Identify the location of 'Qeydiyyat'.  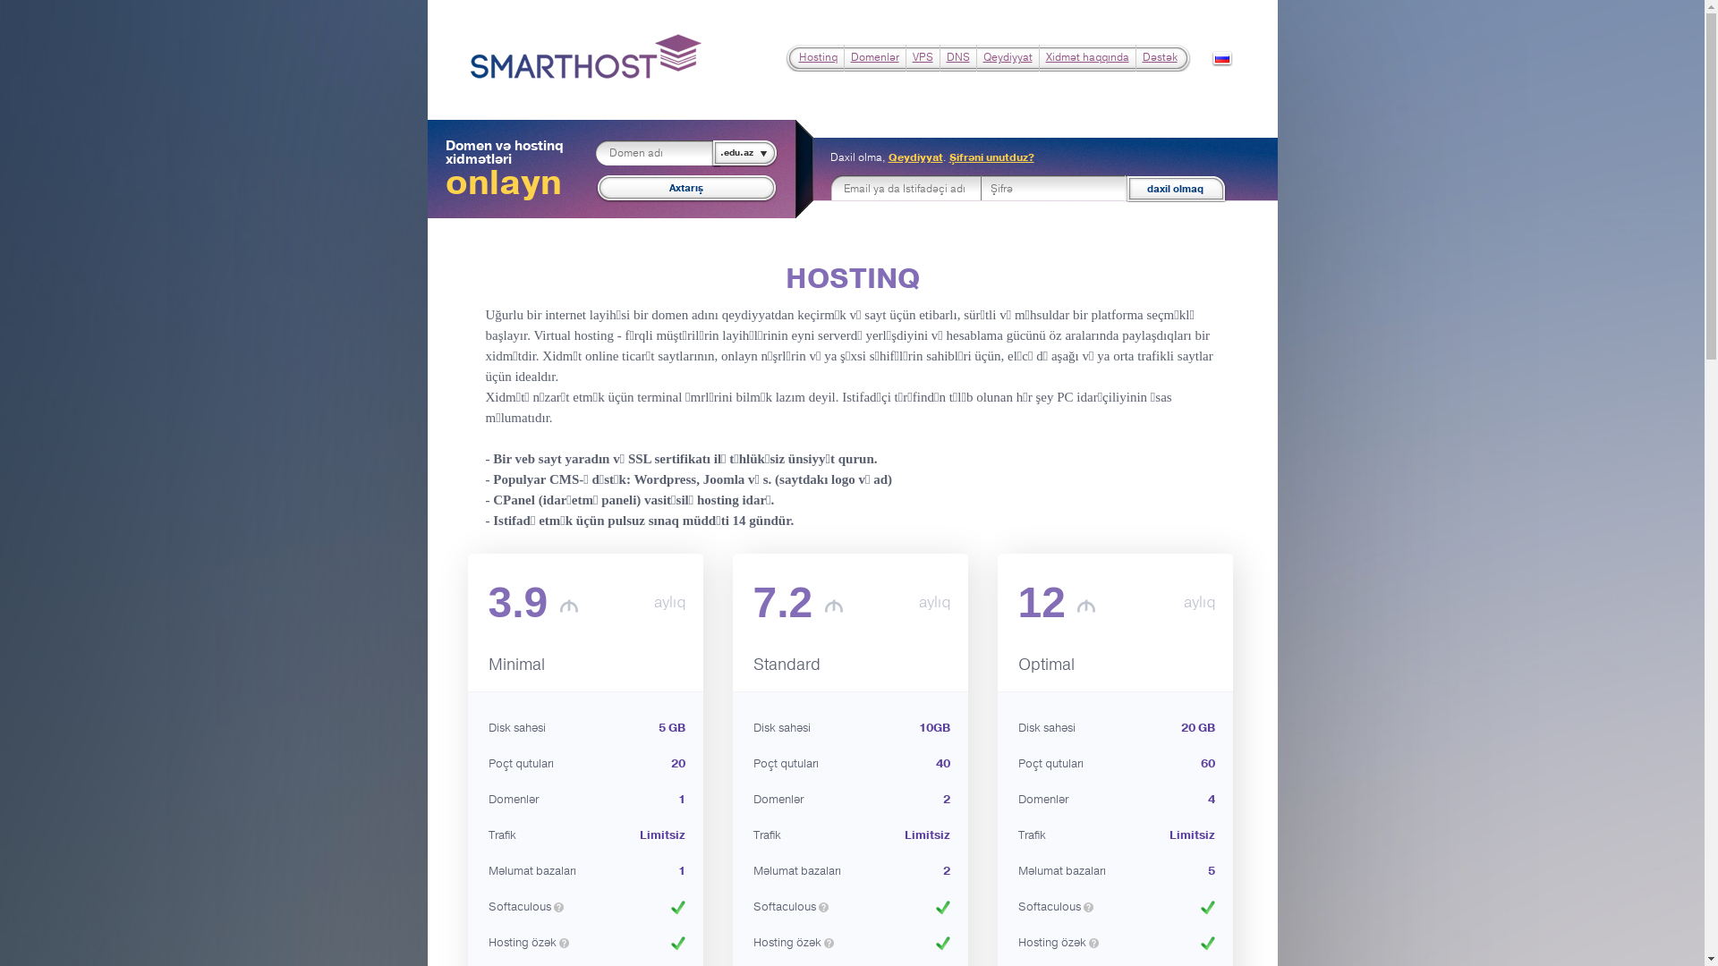
(914, 157).